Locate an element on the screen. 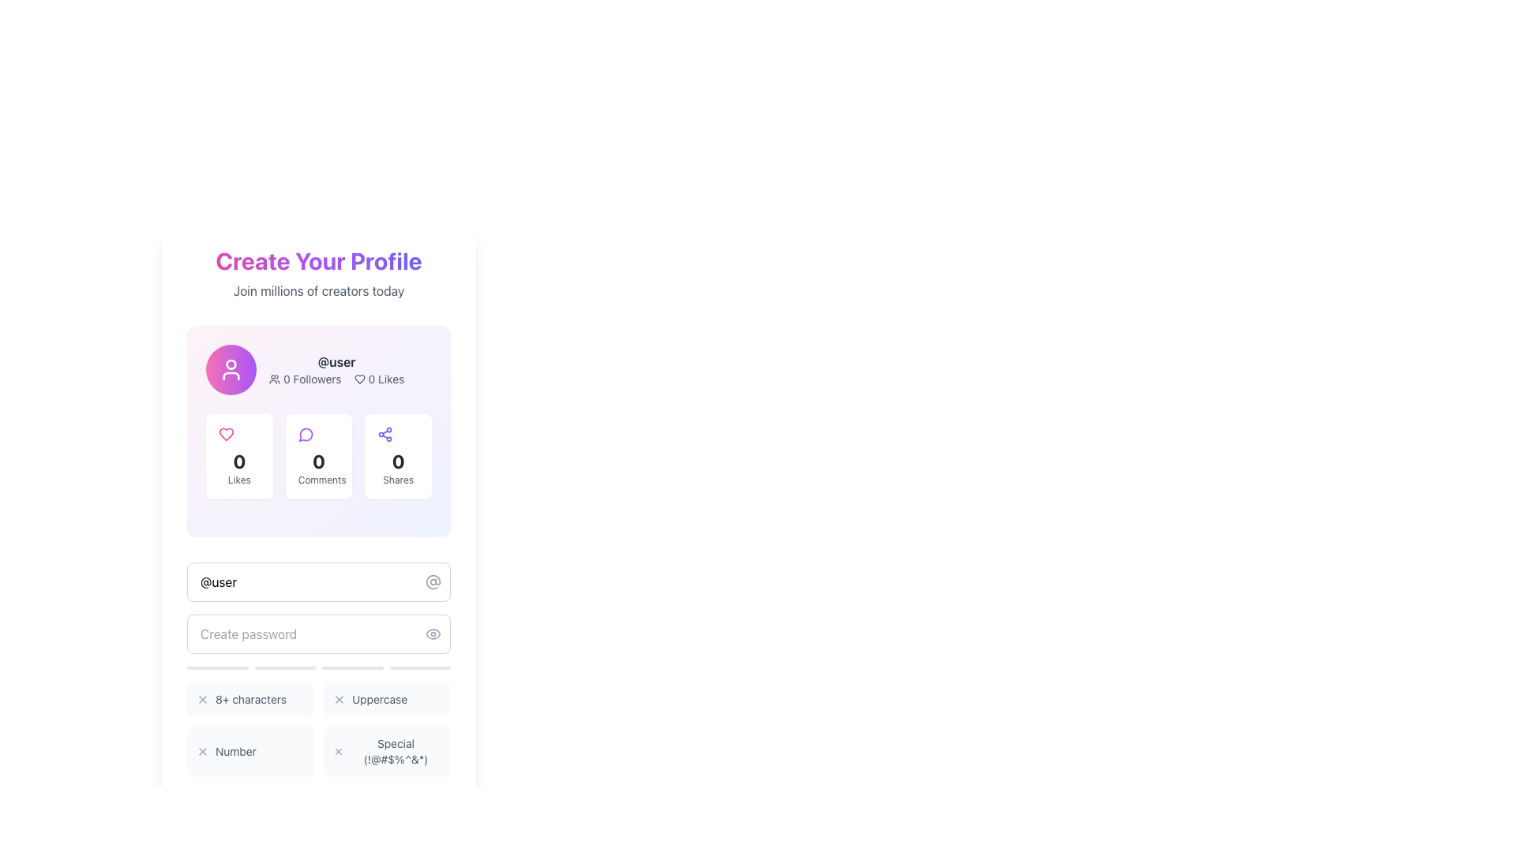  the informational box that indicates the requirement for uppercase characters, located in the second column of a grid structure just below the 'Create password' input field is located at coordinates (387, 699).